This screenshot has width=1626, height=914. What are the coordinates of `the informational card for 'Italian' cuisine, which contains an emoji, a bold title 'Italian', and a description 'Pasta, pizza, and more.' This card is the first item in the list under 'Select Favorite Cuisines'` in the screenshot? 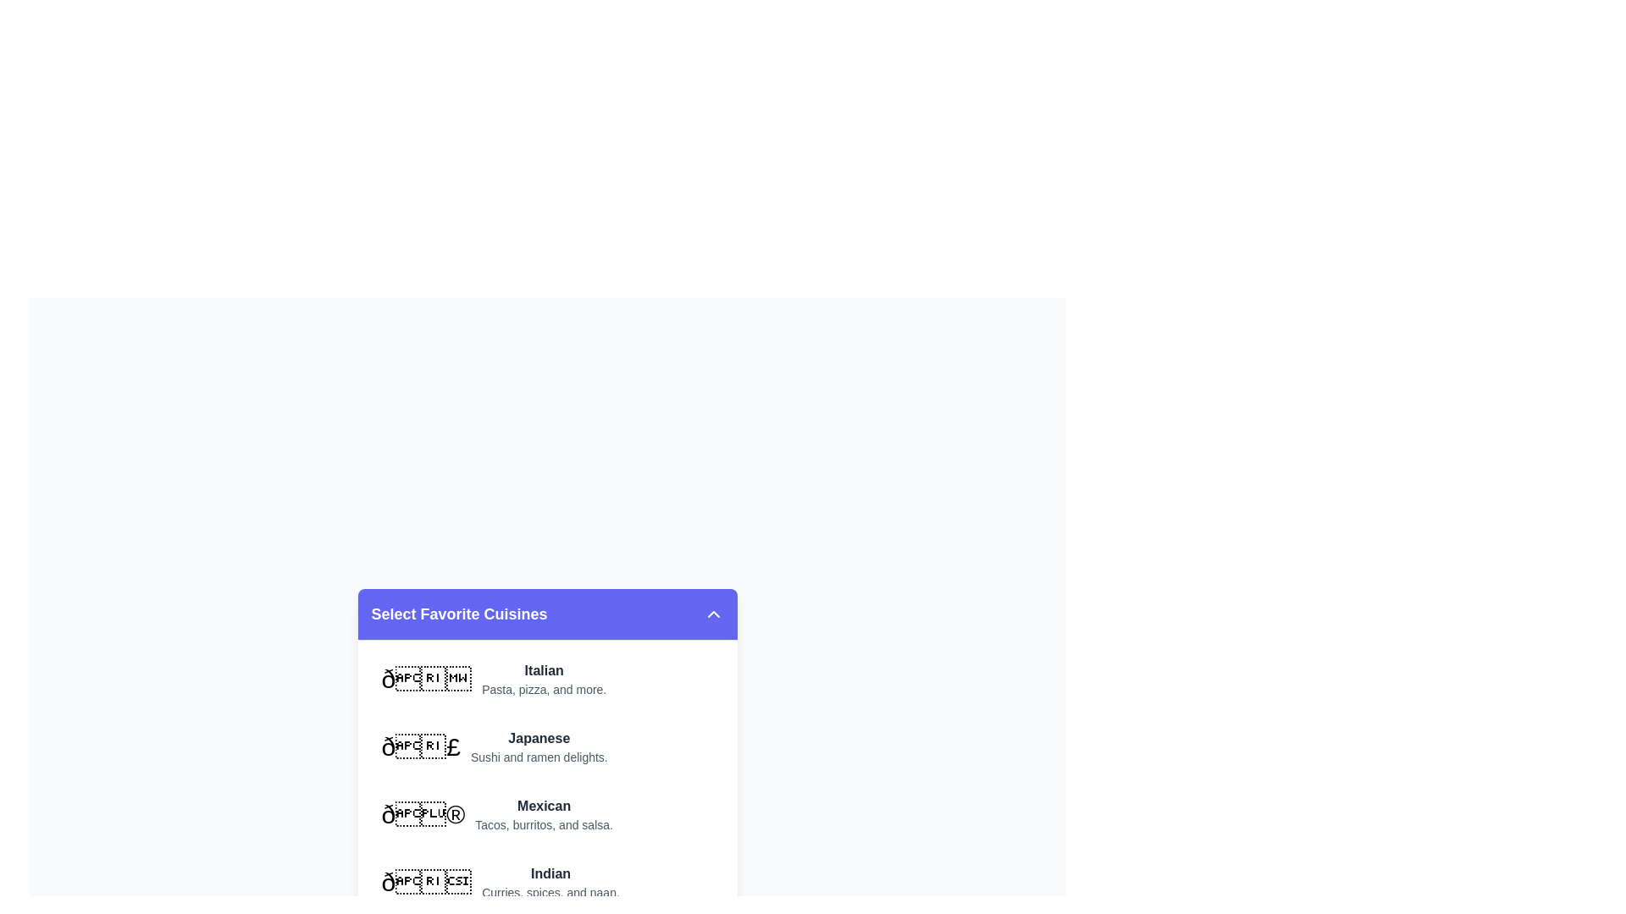 It's located at (493, 678).